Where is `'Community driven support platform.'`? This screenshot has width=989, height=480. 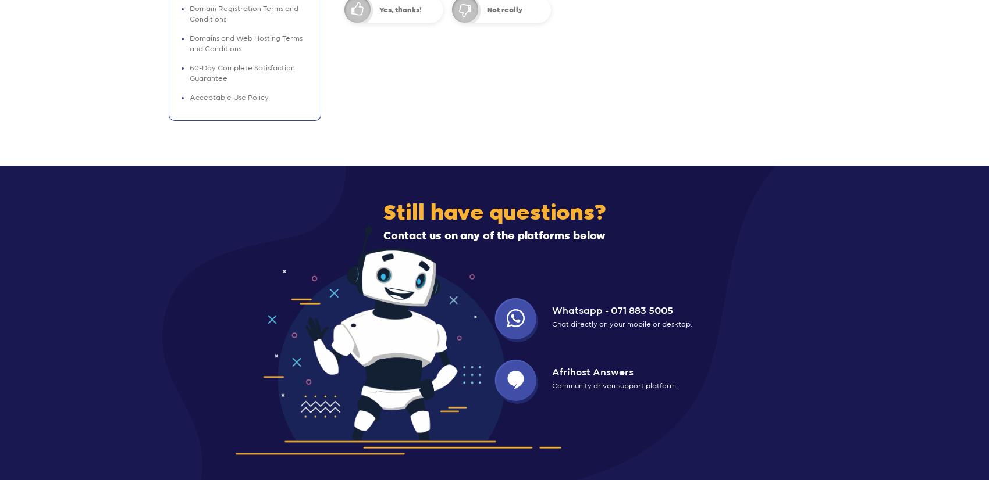
'Community driven support platform.' is located at coordinates (614, 385).